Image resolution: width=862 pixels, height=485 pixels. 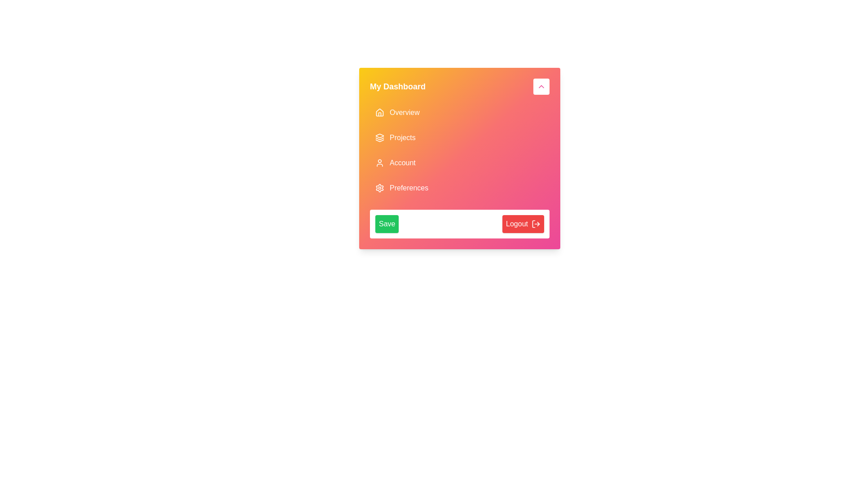 I want to click on the 'Projects' text label, which is styled in white font on a gradient background and located in the second row of the vertical menu, so click(x=402, y=138).